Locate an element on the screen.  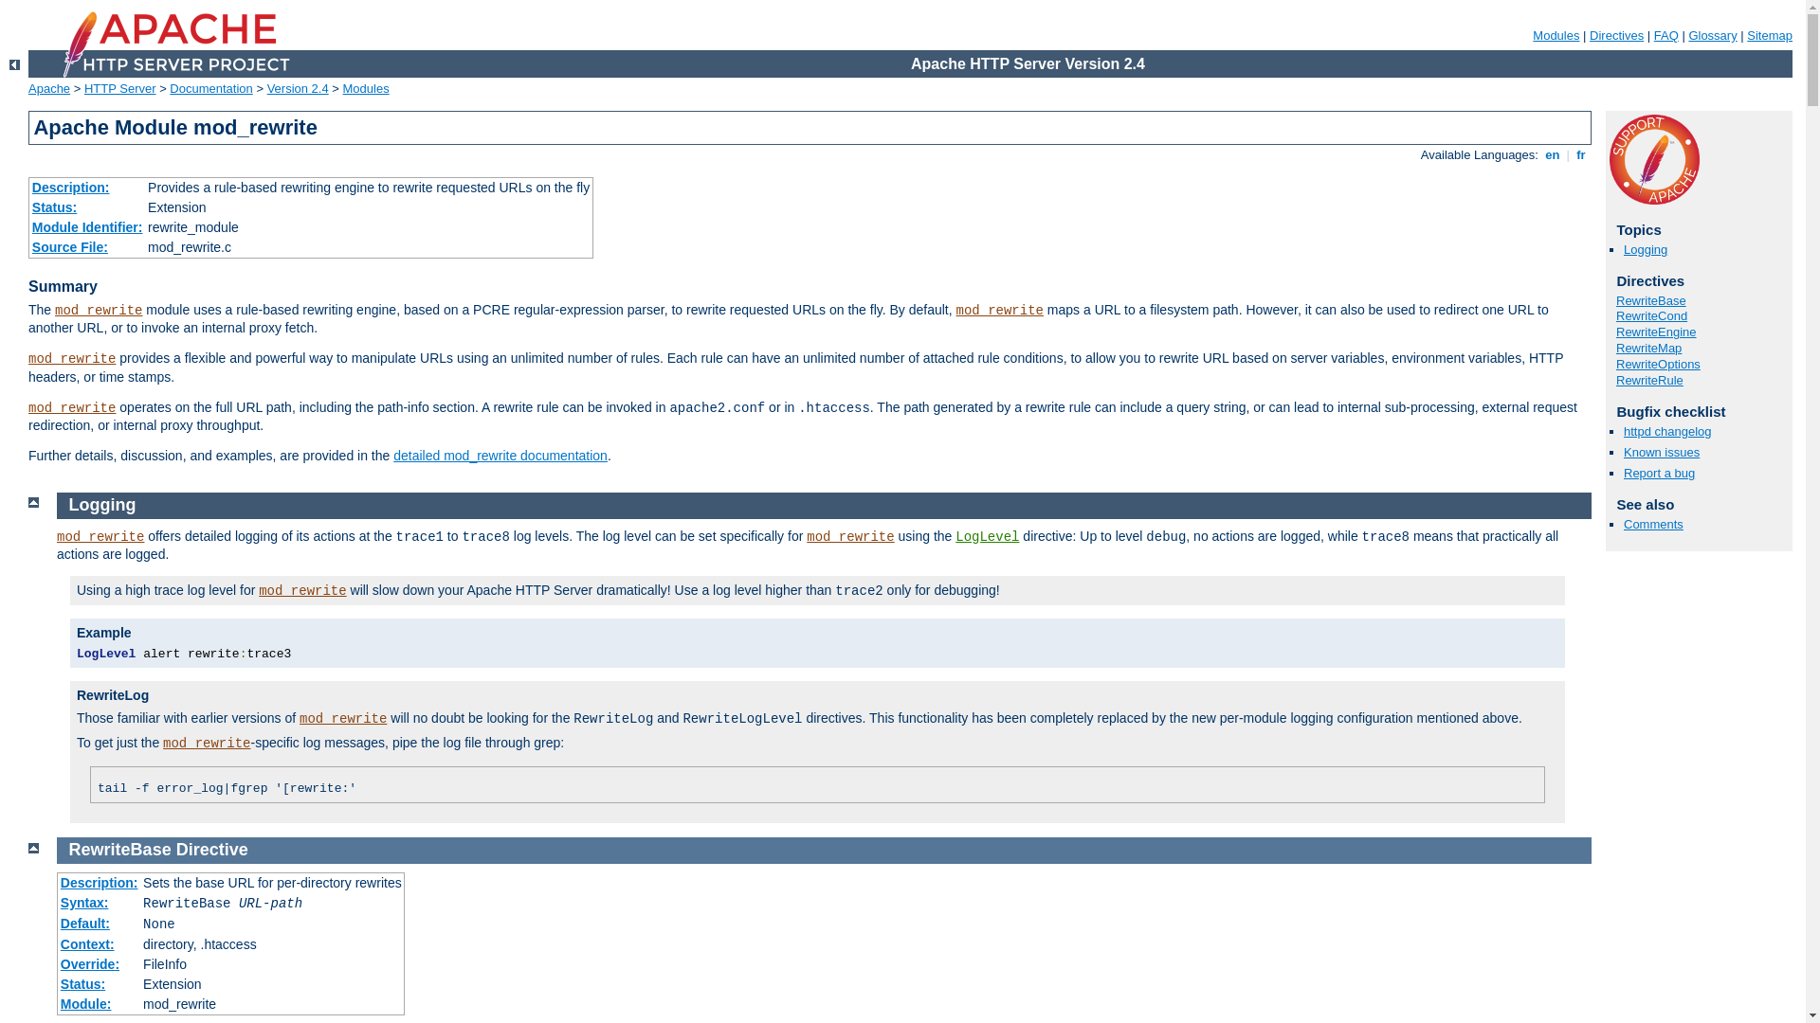
'RewriteOptions' is located at coordinates (1657, 364).